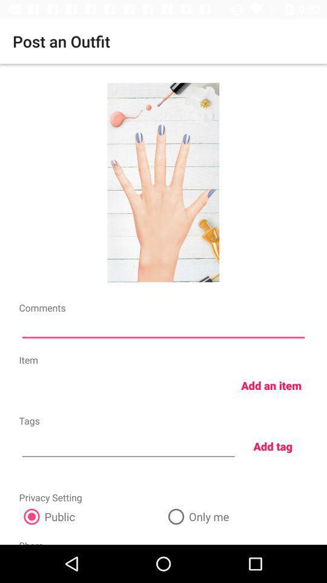 The image size is (327, 583). I want to click on write tags, so click(128, 445).